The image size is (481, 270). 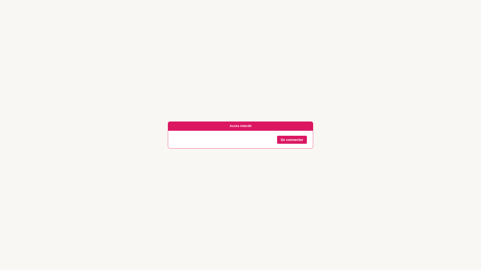 What do you see at coordinates (292, 140) in the screenshot?
I see `'Se connecter'` at bounding box center [292, 140].